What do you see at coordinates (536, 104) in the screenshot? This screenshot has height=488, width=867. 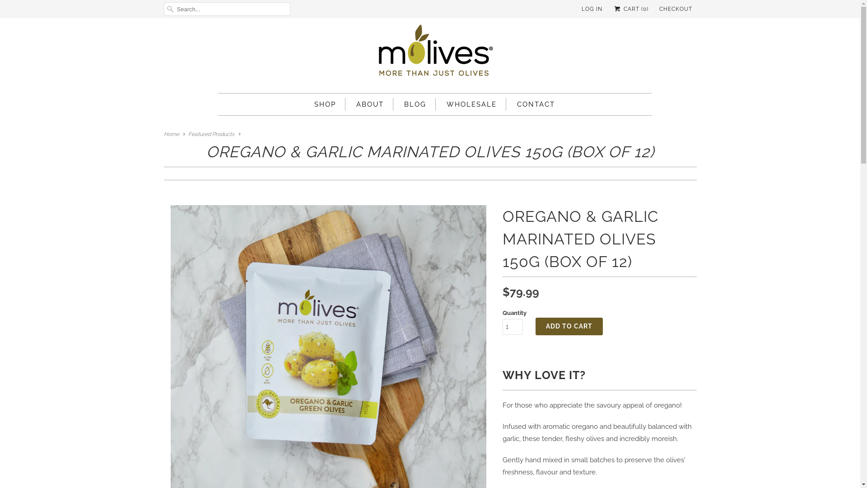 I see `'CONTACT'` at bounding box center [536, 104].